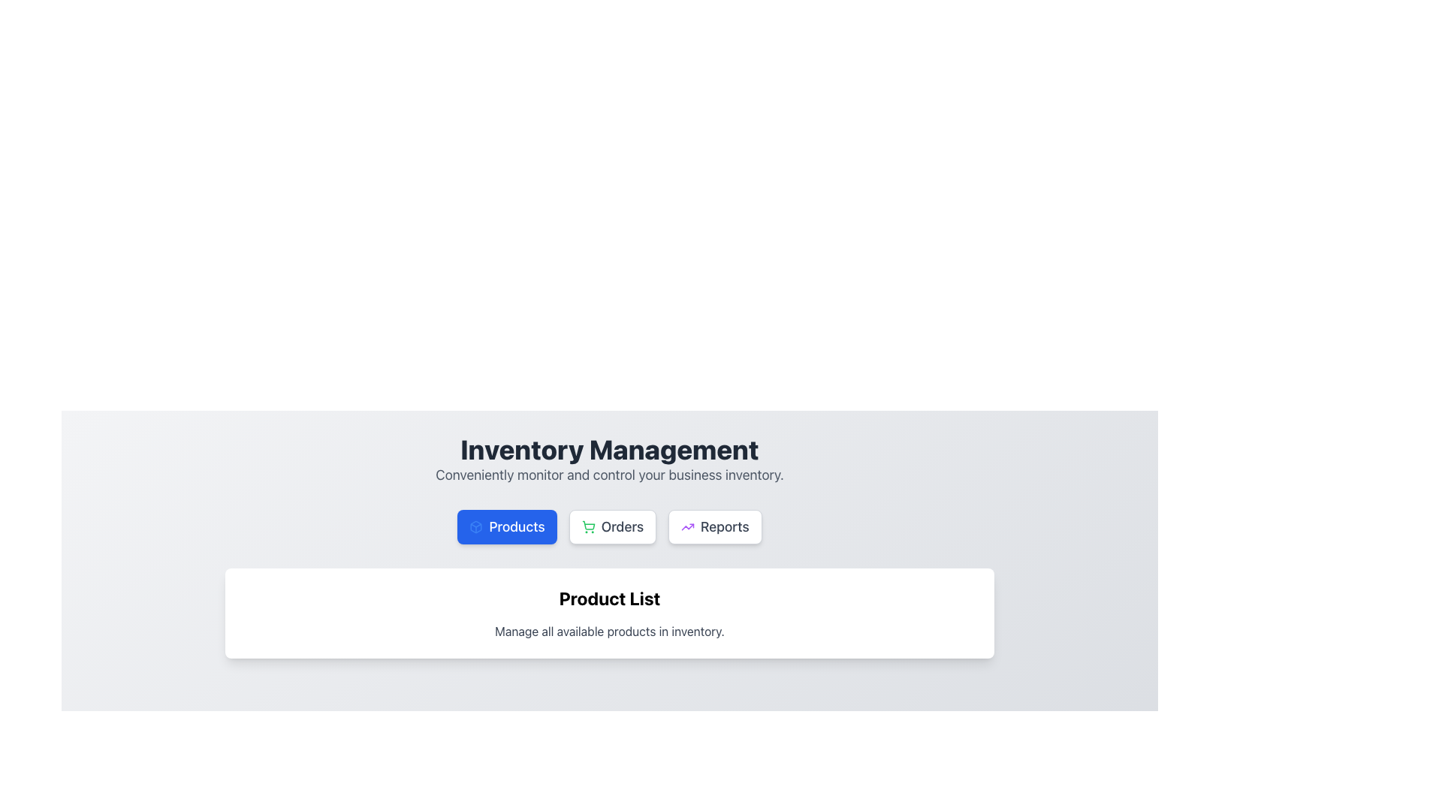  What do you see at coordinates (609, 475) in the screenshot?
I see `the descriptive subtitle of the 'Inventory Management' section, which is located directly below the main heading and above the buttons for 'Products', 'Orders', and 'Reports'` at bounding box center [609, 475].